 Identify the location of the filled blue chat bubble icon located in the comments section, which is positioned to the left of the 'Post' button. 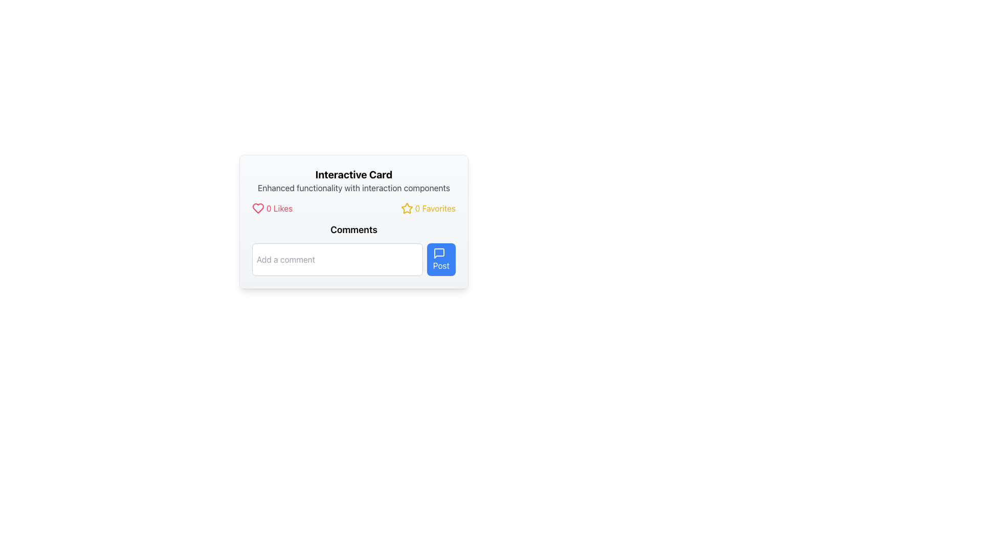
(439, 253).